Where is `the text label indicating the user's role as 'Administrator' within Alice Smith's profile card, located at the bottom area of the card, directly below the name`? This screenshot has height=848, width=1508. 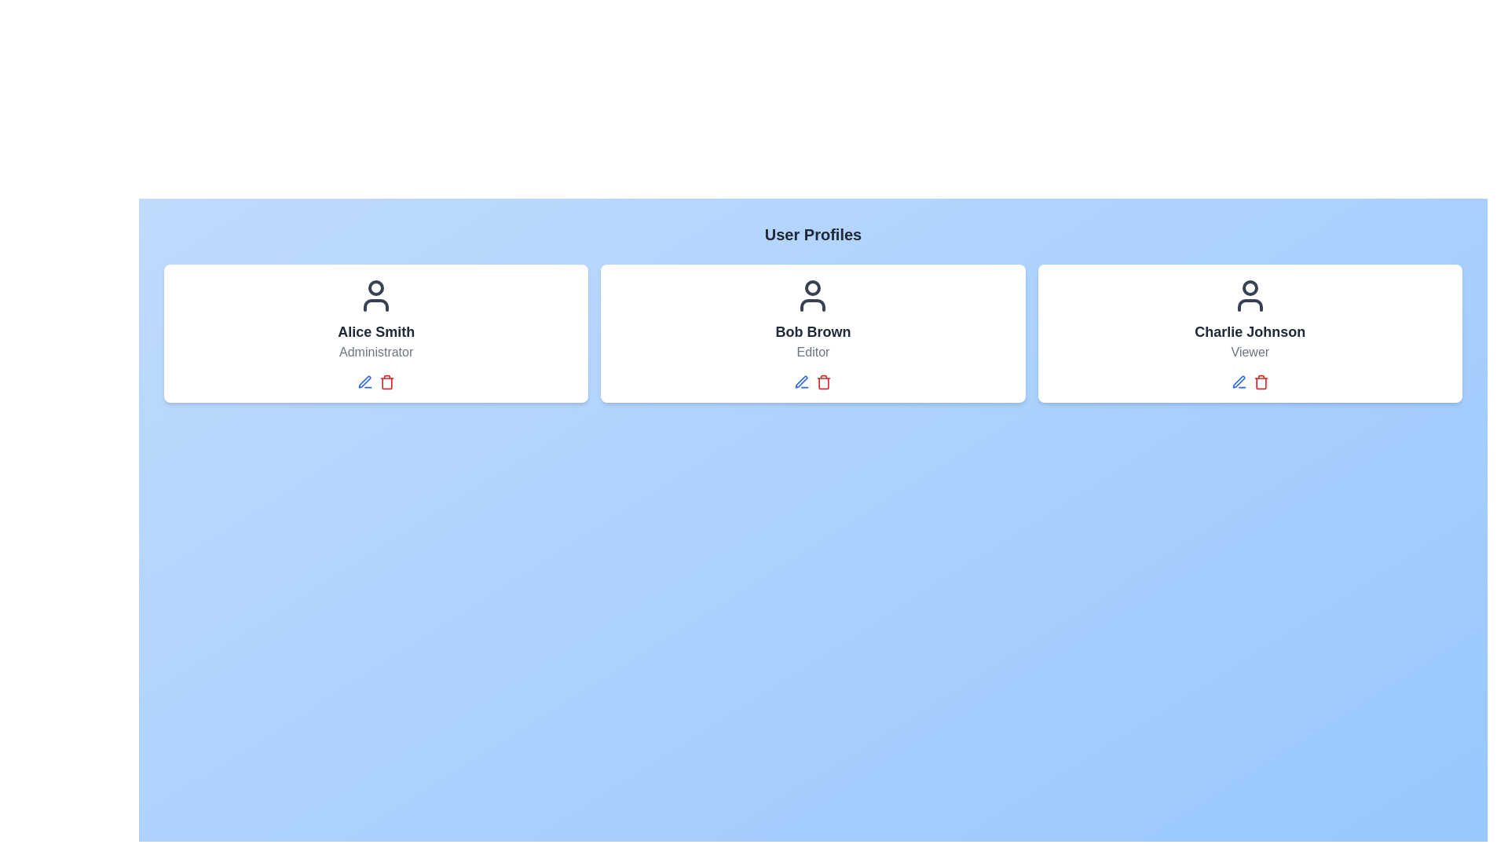
the text label indicating the user's role as 'Administrator' within Alice Smith's profile card, located at the bottom area of the card, directly below the name is located at coordinates (375, 351).